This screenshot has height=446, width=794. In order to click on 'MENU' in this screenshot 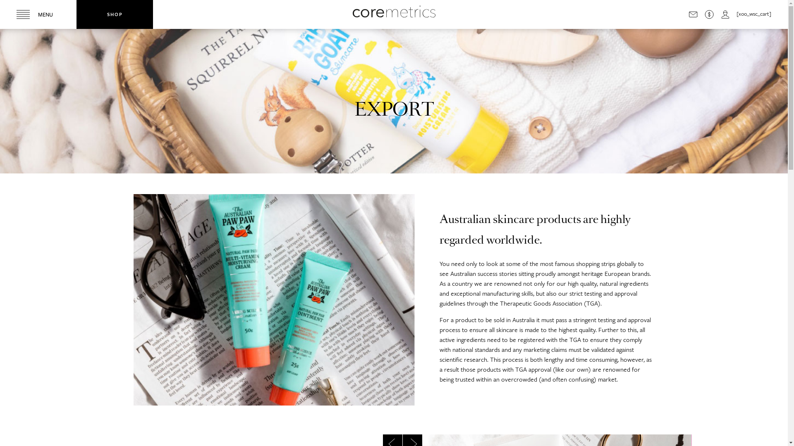, I will do `click(38, 14)`.